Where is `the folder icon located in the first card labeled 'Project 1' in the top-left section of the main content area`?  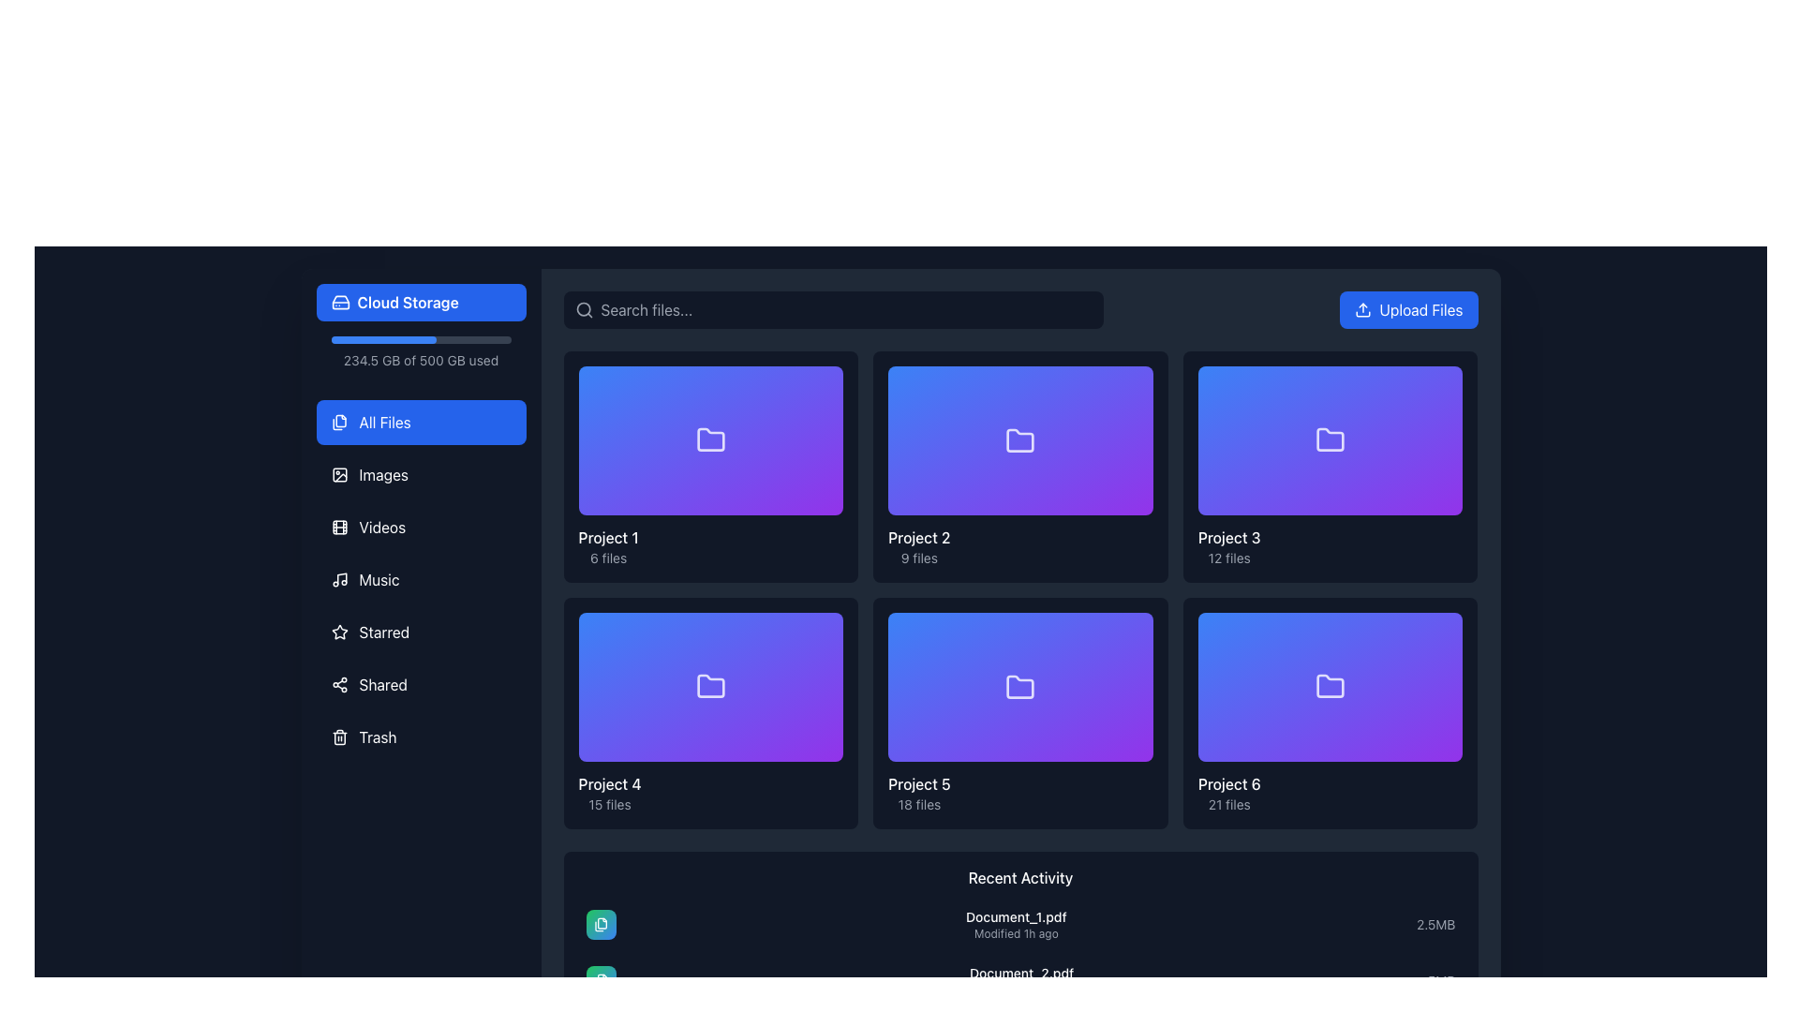 the folder icon located in the first card labeled 'Project 1' in the top-left section of the main content area is located at coordinates (709, 439).